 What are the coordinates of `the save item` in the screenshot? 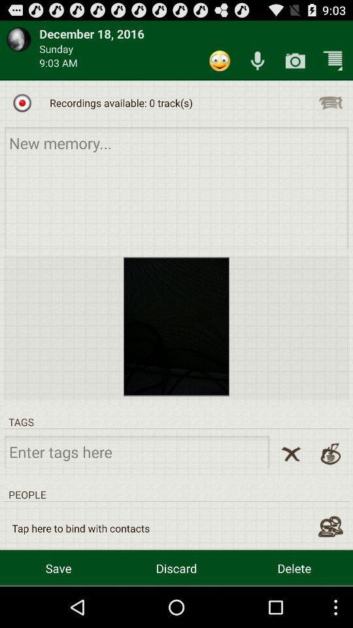 It's located at (58, 567).